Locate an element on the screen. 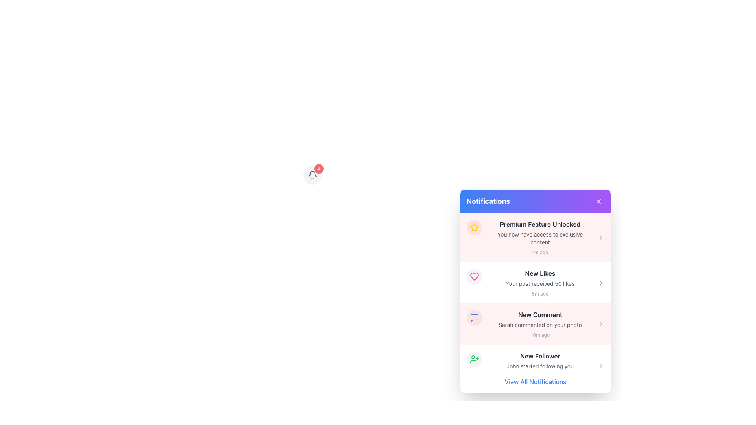  the text label indicating a new comment notification is located at coordinates (540, 314).